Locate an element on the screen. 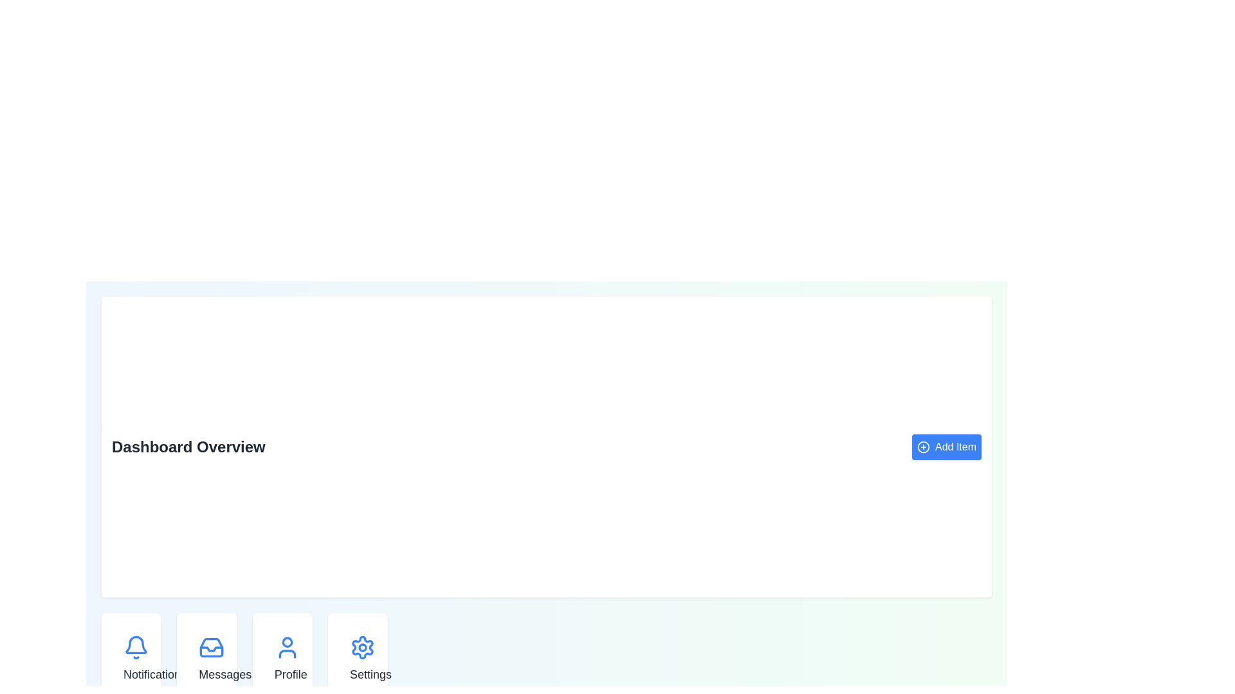 The height and width of the screenshot is (694, 1235). the 'Profile' text label, which is a medium-sized, bold, gray shade label located in the lower navigation bar, centered under the user-profile icon is located at coordinates (290, 673).